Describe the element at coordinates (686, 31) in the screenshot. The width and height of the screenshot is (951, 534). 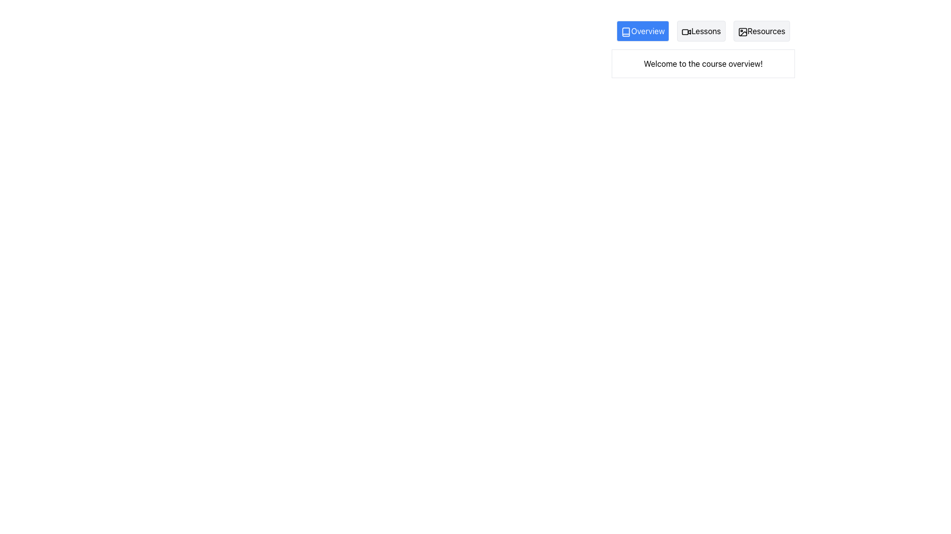
I see `the video icon located within the 'Lessons' button, which is the leftmost graphical component adjacent to 'Overview' and 'Resources'` at that location.